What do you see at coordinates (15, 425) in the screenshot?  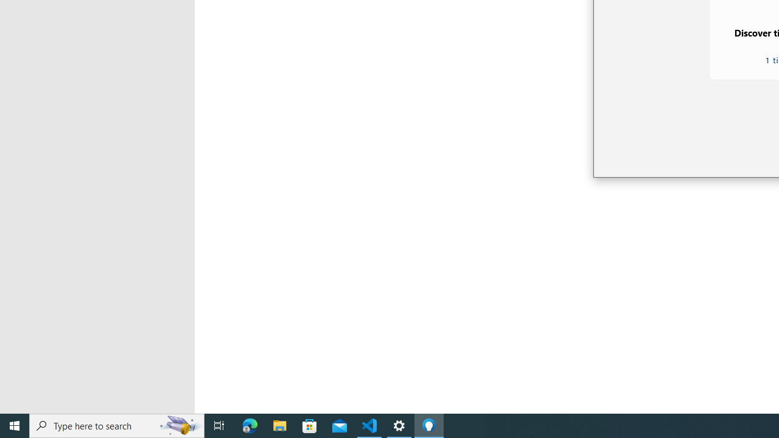 I see `'Start'` at bounding box center [15, 425].